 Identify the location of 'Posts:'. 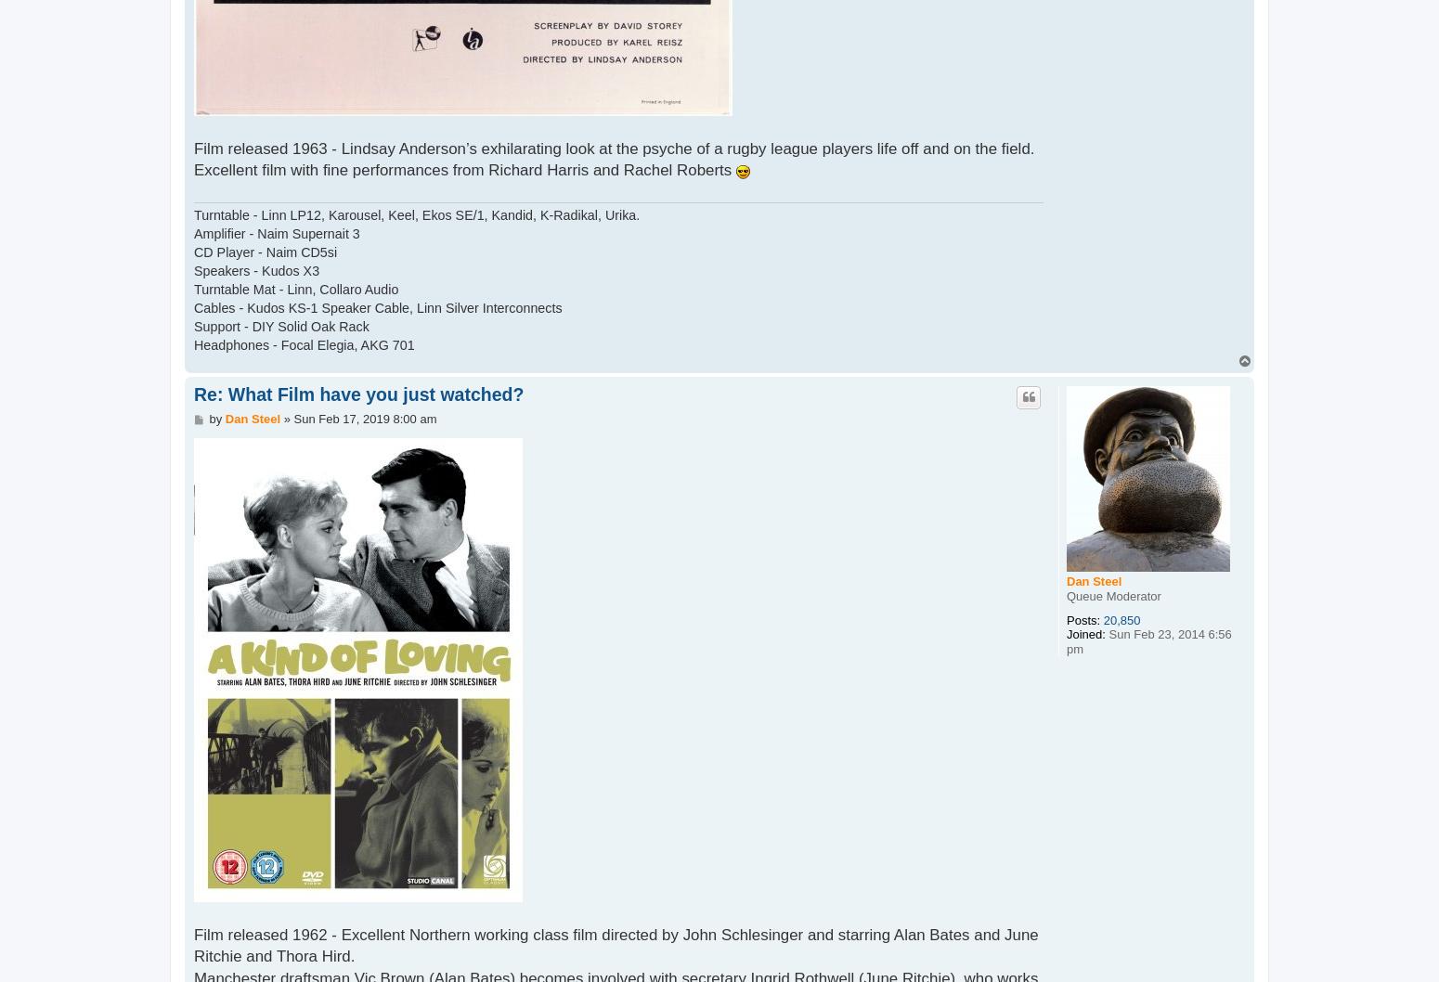
(1082, 618).